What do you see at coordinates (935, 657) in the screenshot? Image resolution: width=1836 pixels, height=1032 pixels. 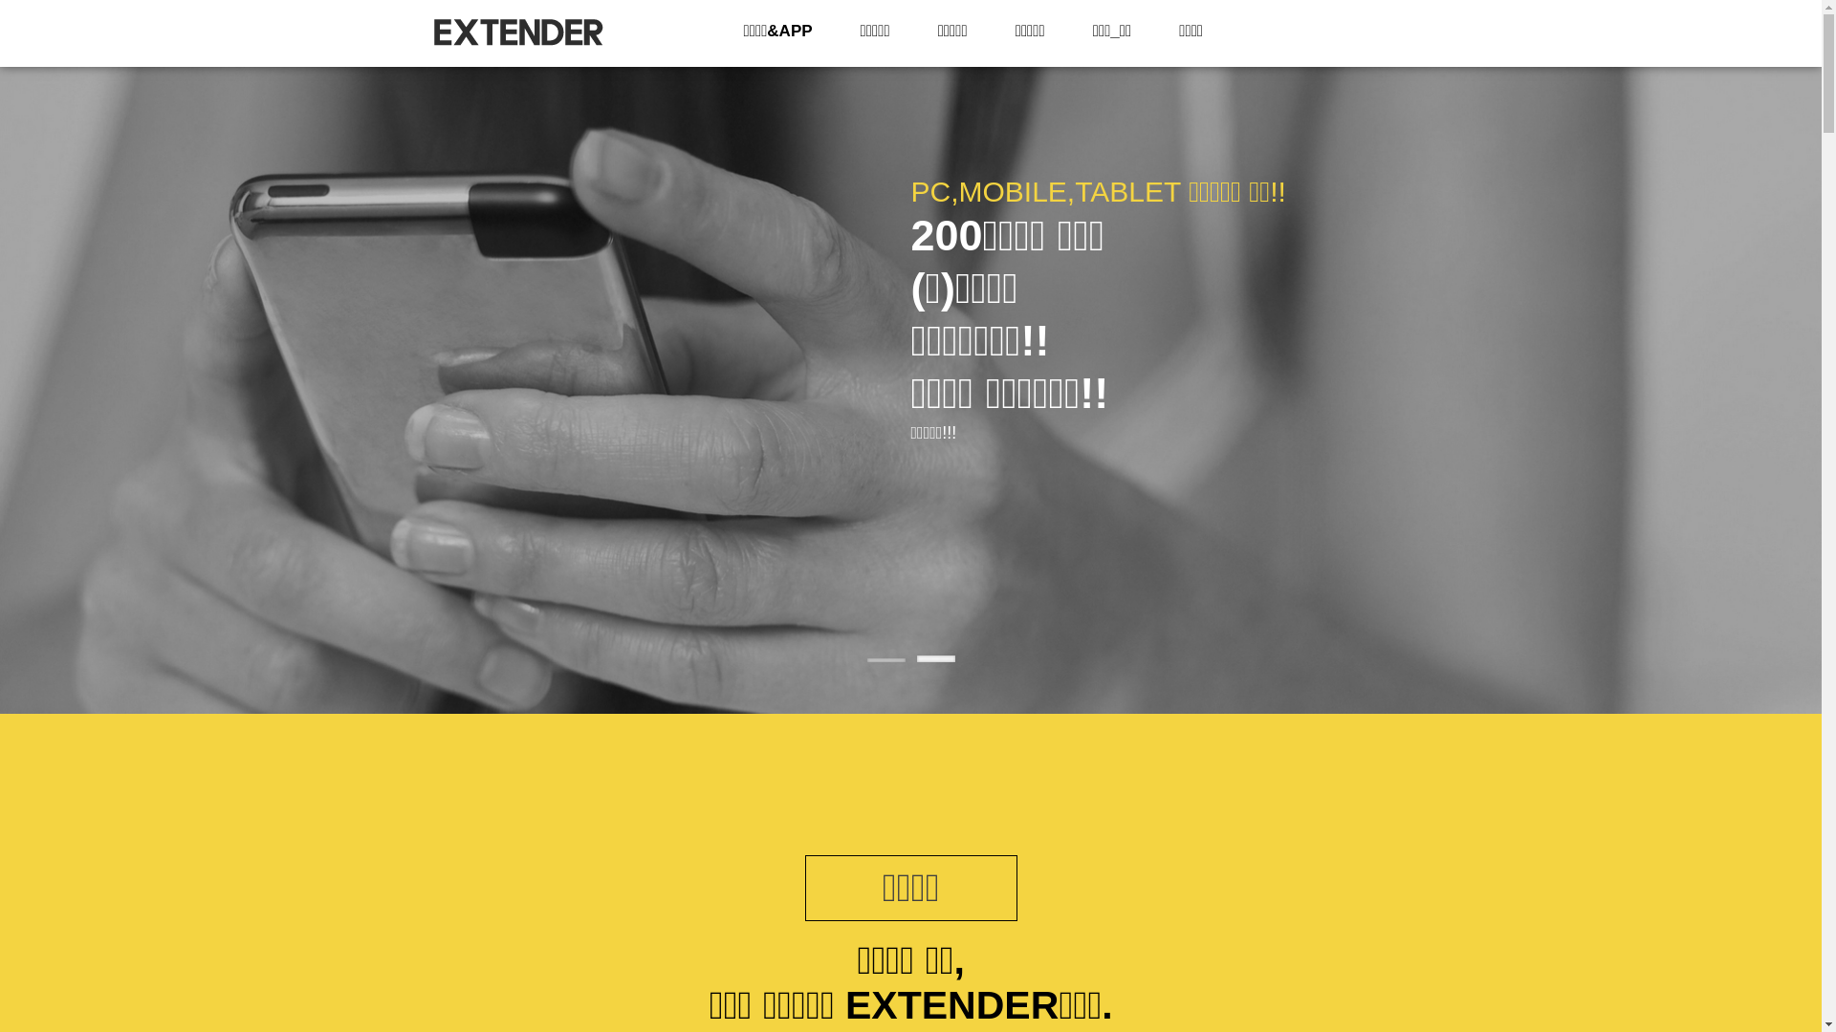 I see `'2'` at bounding box center [935, 657].